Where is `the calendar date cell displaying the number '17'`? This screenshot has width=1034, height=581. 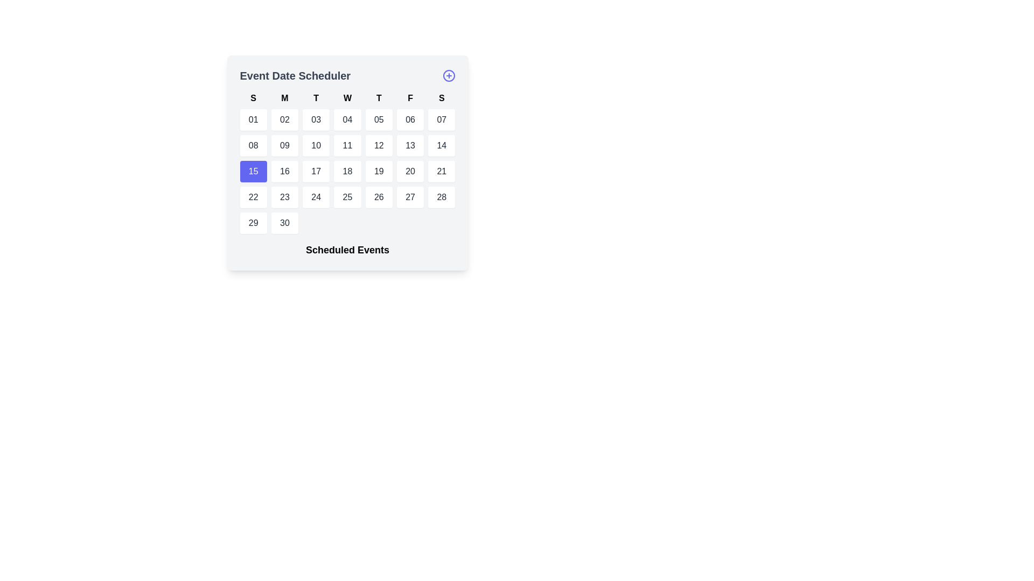 the calendar date cell displaying the number '17' is located at coordinates (316, 171).